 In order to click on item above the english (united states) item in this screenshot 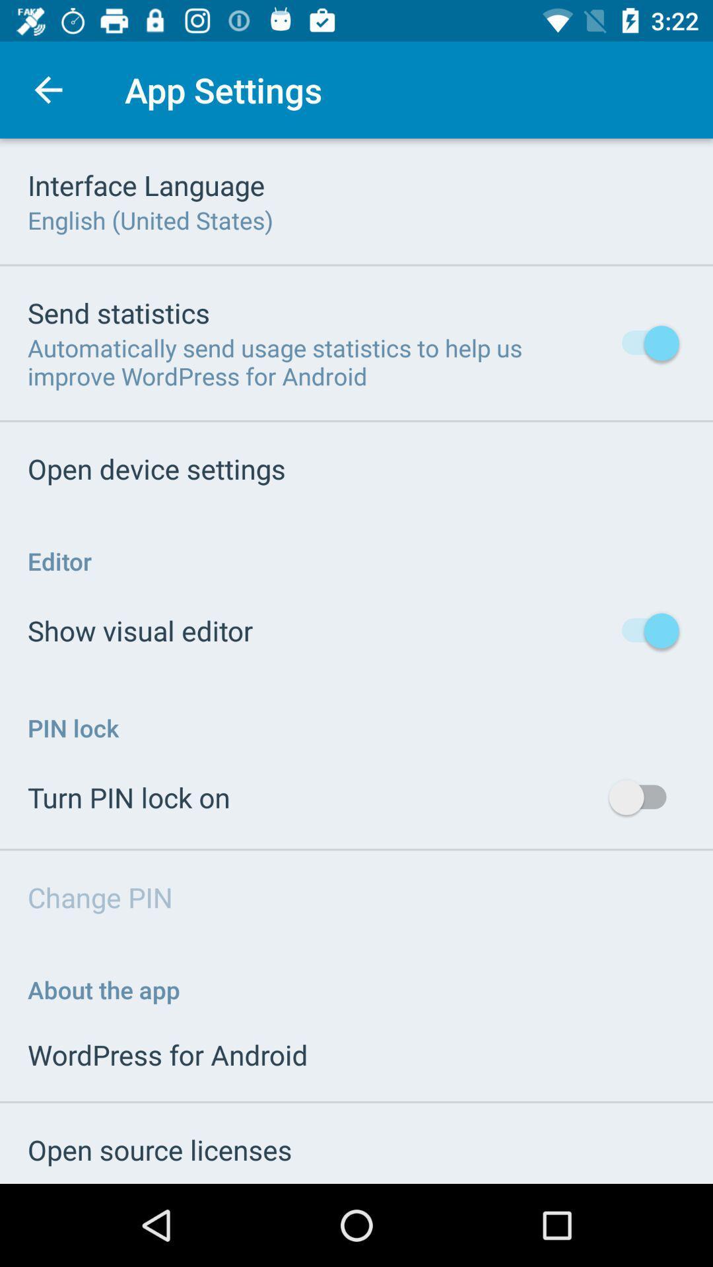, I will do `click(146, 184)`.